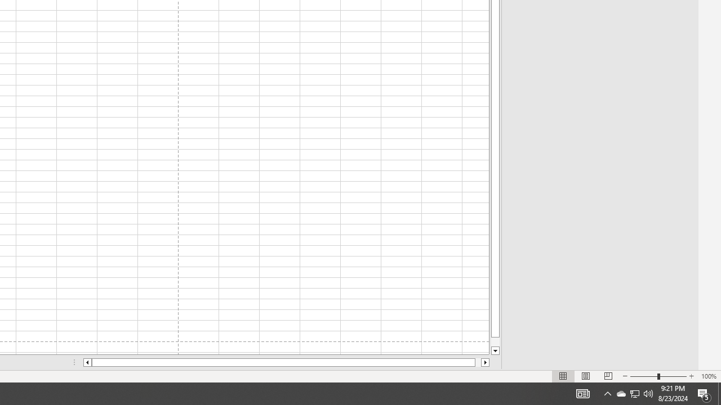 This screenshot has height=405, width=721. Describe the element at coordinates (495, 350) in the screenshot. I see `'Line down'` at that location.